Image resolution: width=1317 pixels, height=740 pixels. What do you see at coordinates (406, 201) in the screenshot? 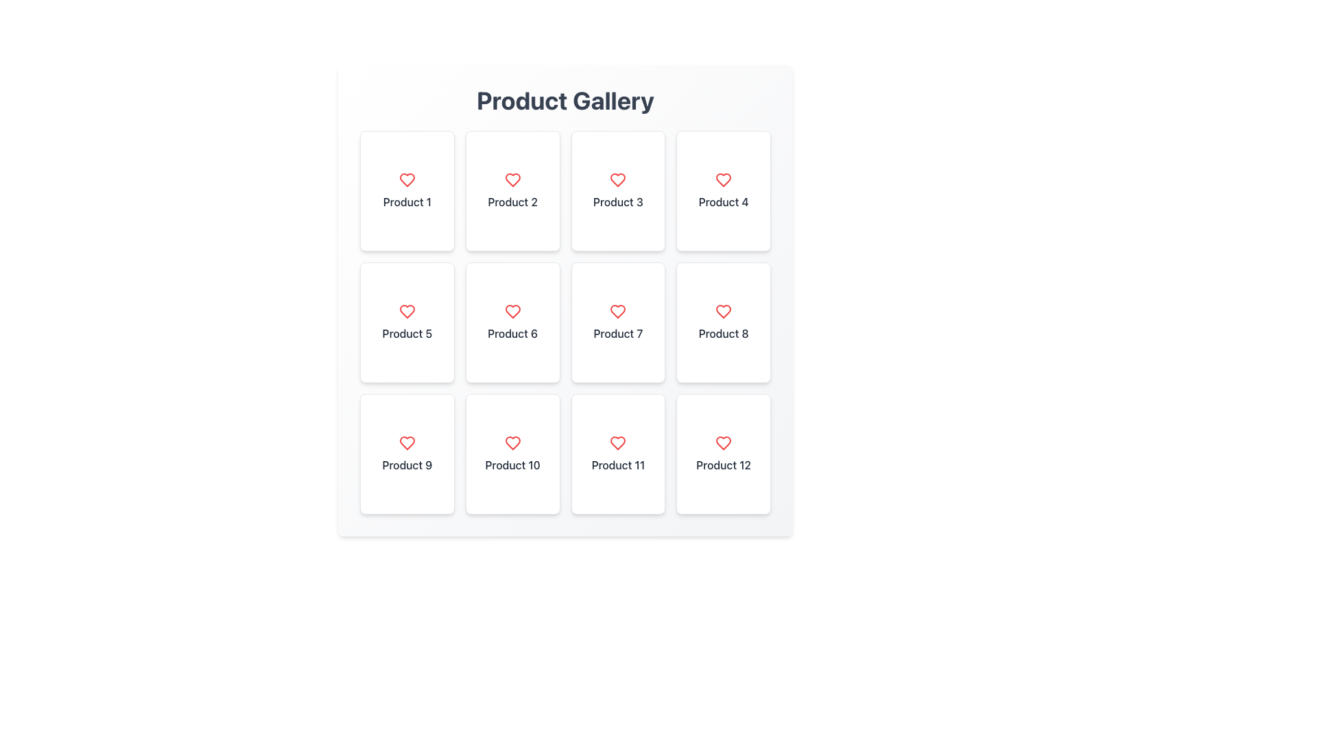
I see `the static text label that identifies 'Product 1' in the first product card of the grid layout` at bounding box center [406, 201].